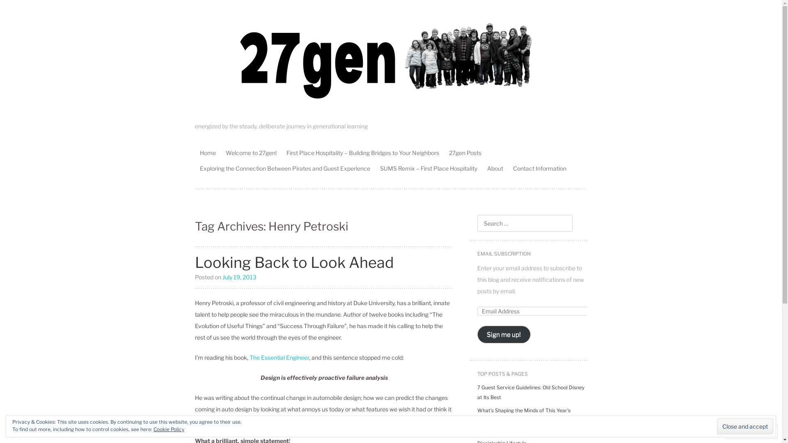  Describe the element at coordinates (503, 334) in the screenshot. I see `'Sign me up!'` at that location.